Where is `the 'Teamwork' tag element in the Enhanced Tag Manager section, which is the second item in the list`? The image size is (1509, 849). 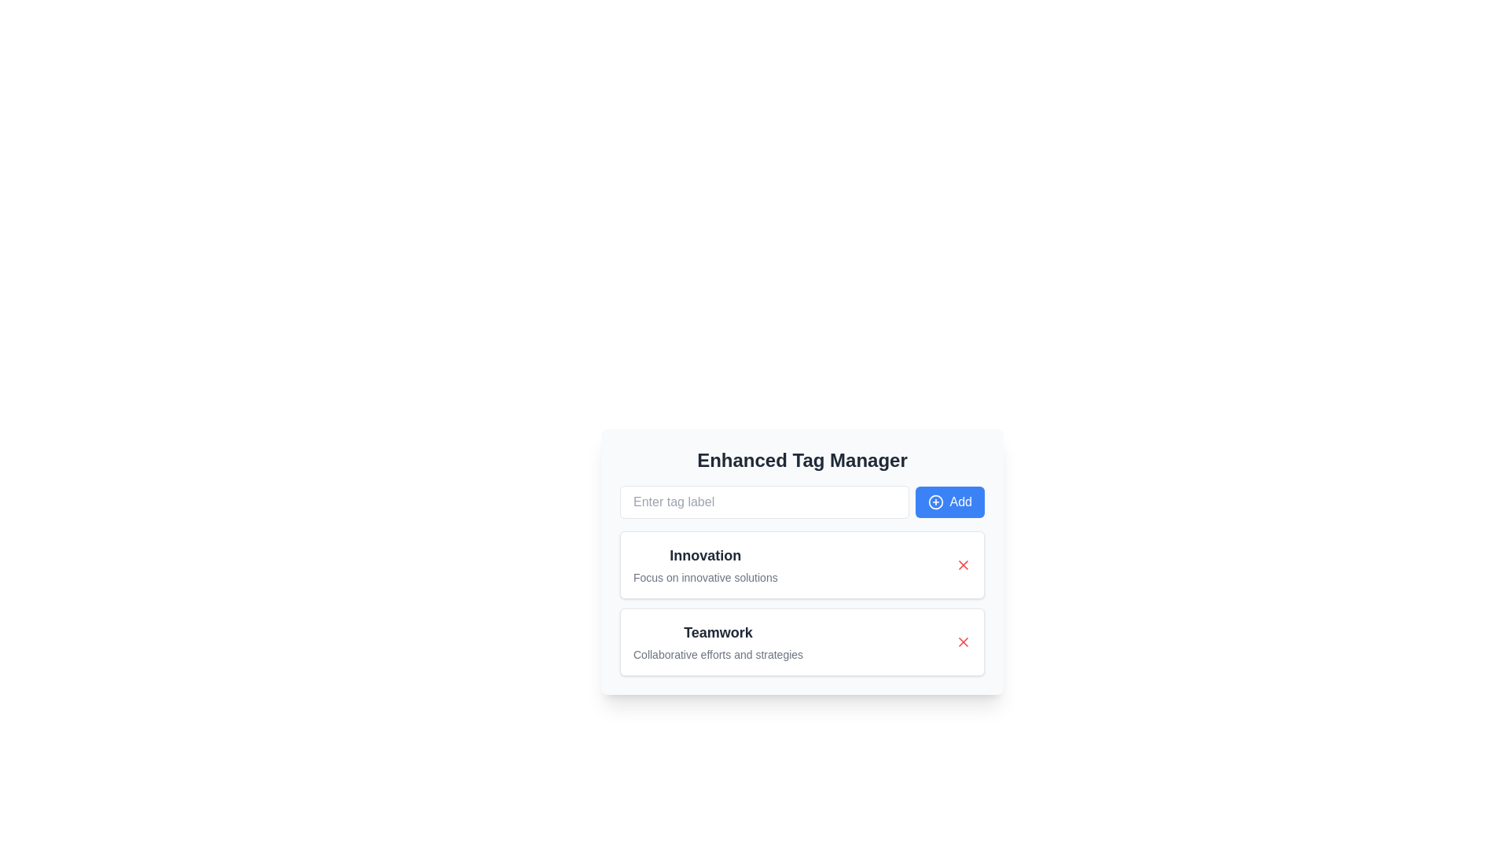
the 'Teamwork' tag element in the Enhanced Tag Manager section, which is the second item in the list is located at coordinates (718, 642).